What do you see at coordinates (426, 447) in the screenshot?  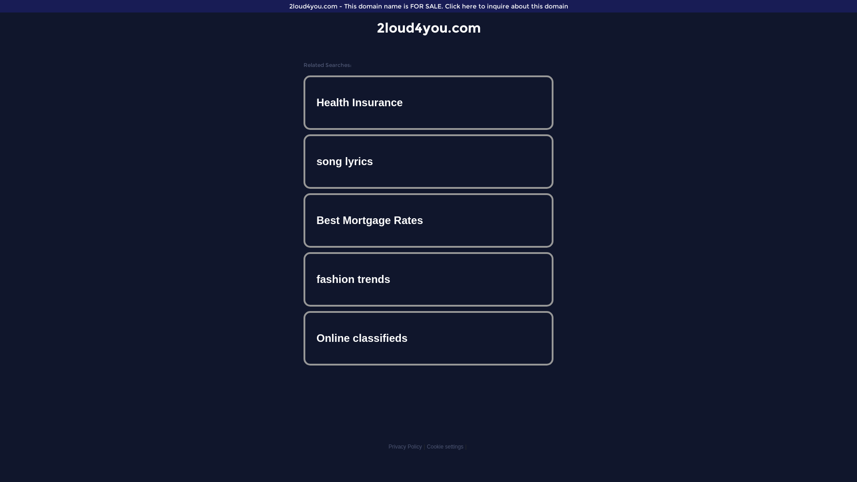 I see `'Cookie settings'` at bounding box center [426, 447].